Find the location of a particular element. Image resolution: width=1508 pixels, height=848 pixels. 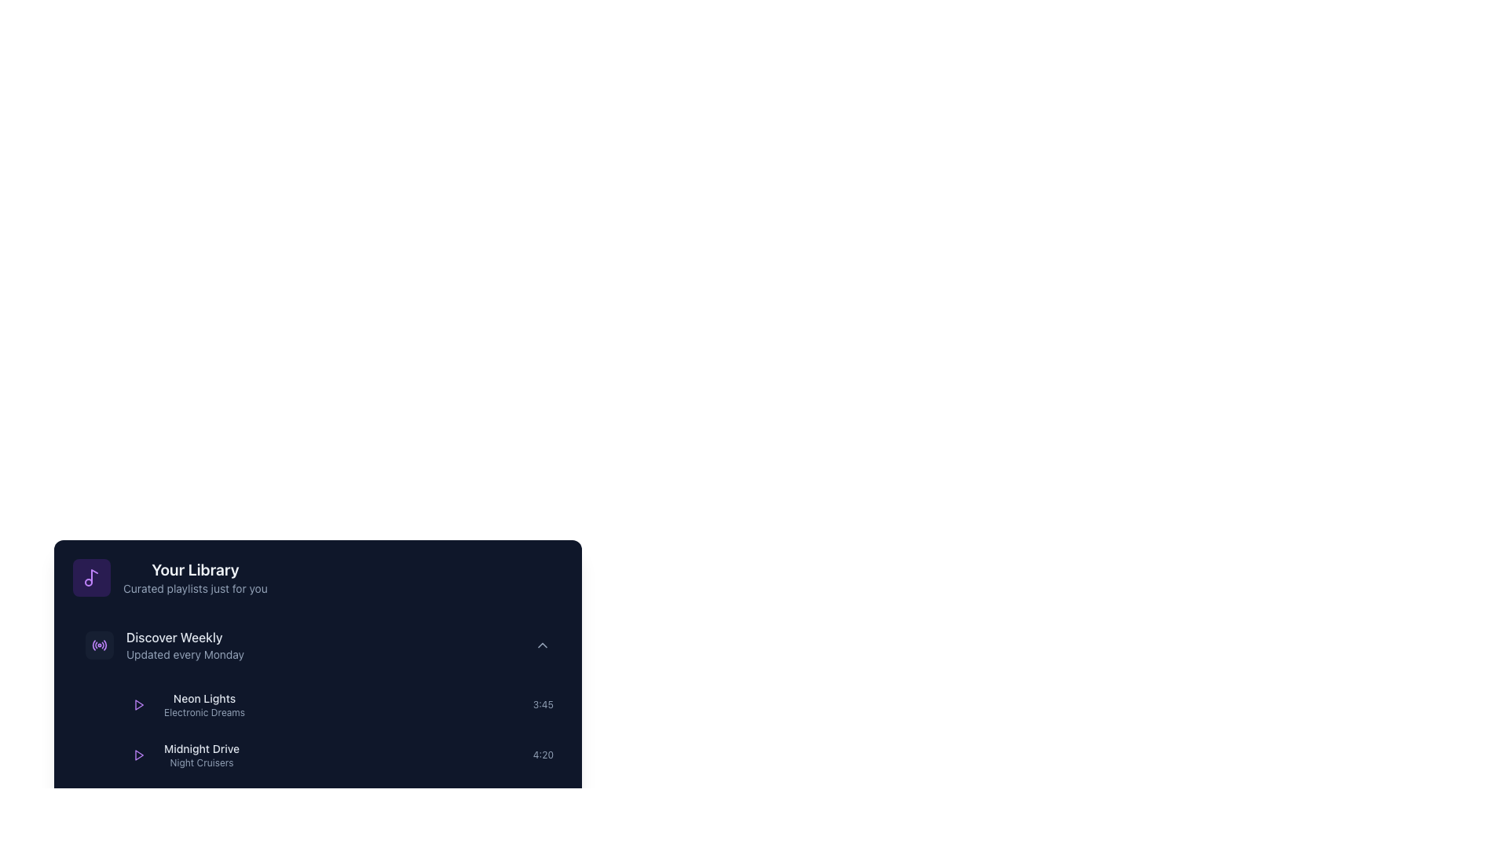

the triangular purple play icon located beneath the 'Neon Lights' music entry to initiate music playback is located at coordinates (139, 704).